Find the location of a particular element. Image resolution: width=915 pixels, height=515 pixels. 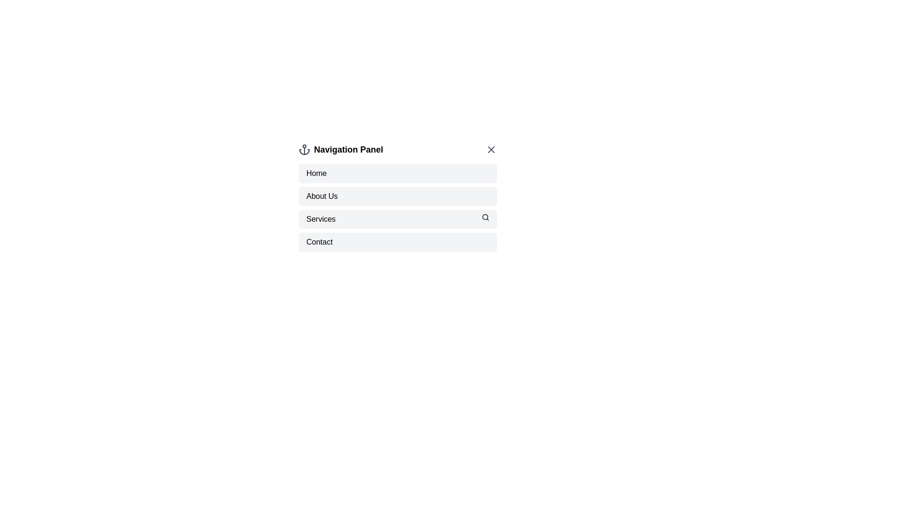

the 'Contact' button, which is the fourth button in the vertical navigation panel, positioned below the 'Services' button is located at coordinates (398, 242).